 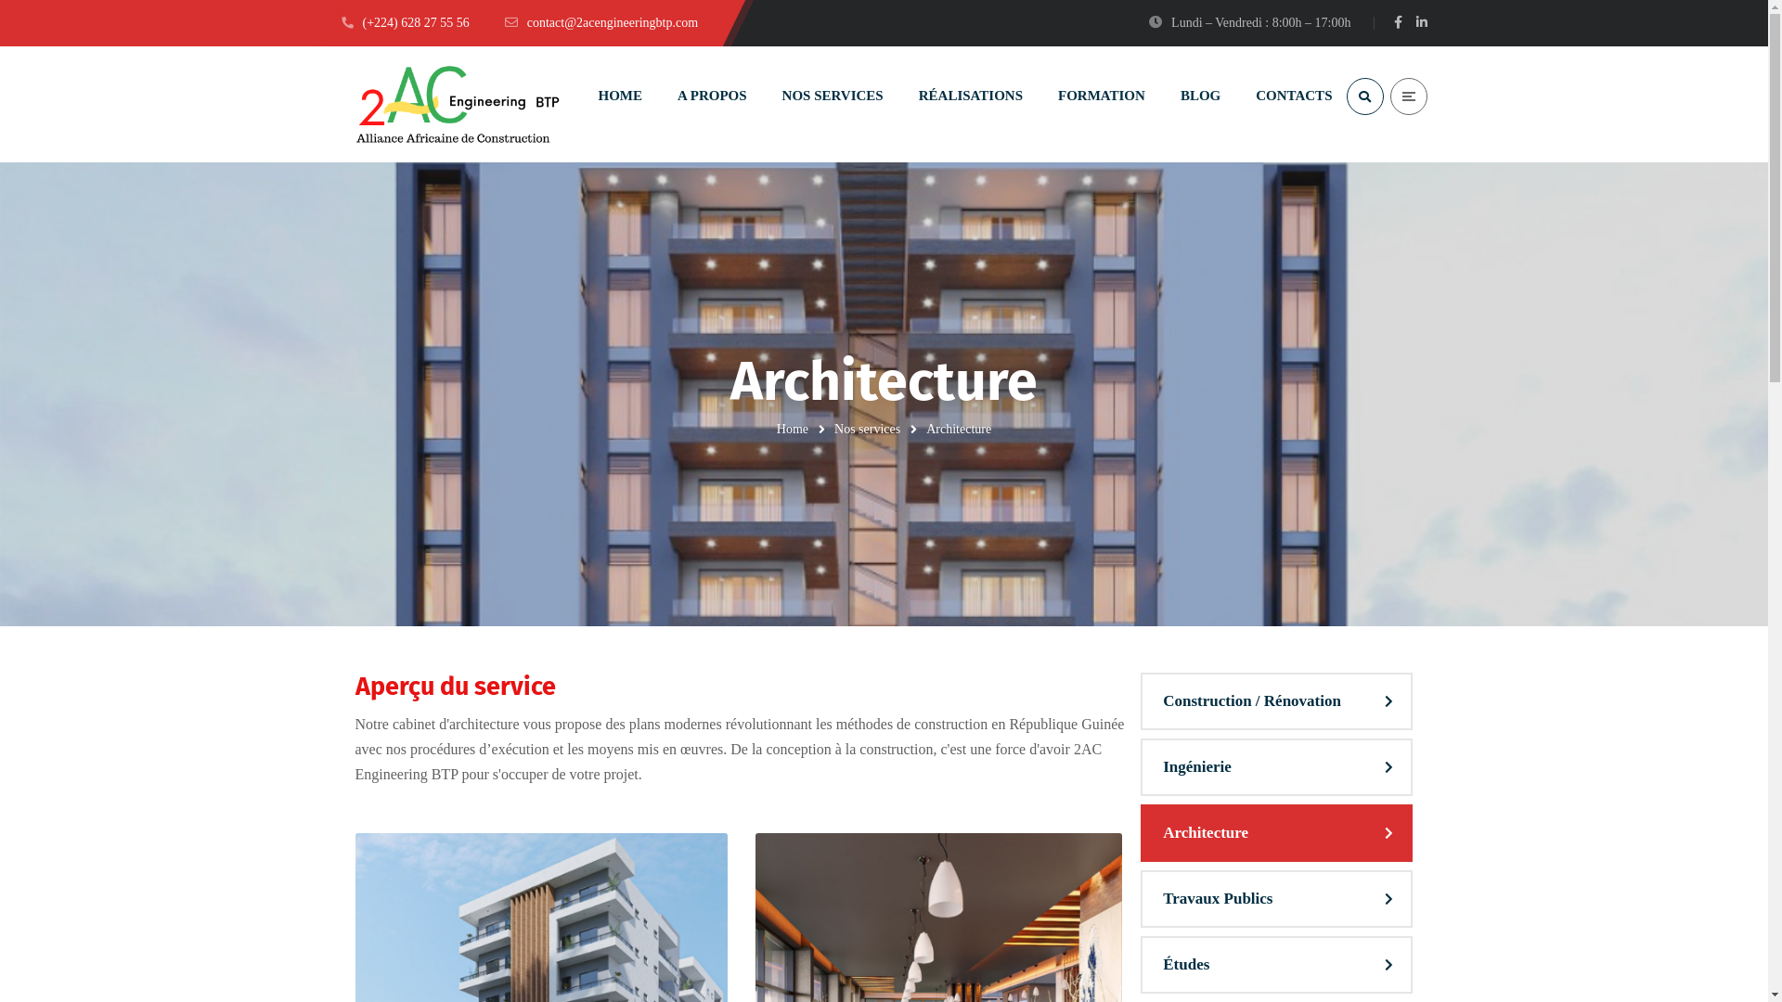 I want to click on 'CONTACTS', so click(x=1256, y=96).